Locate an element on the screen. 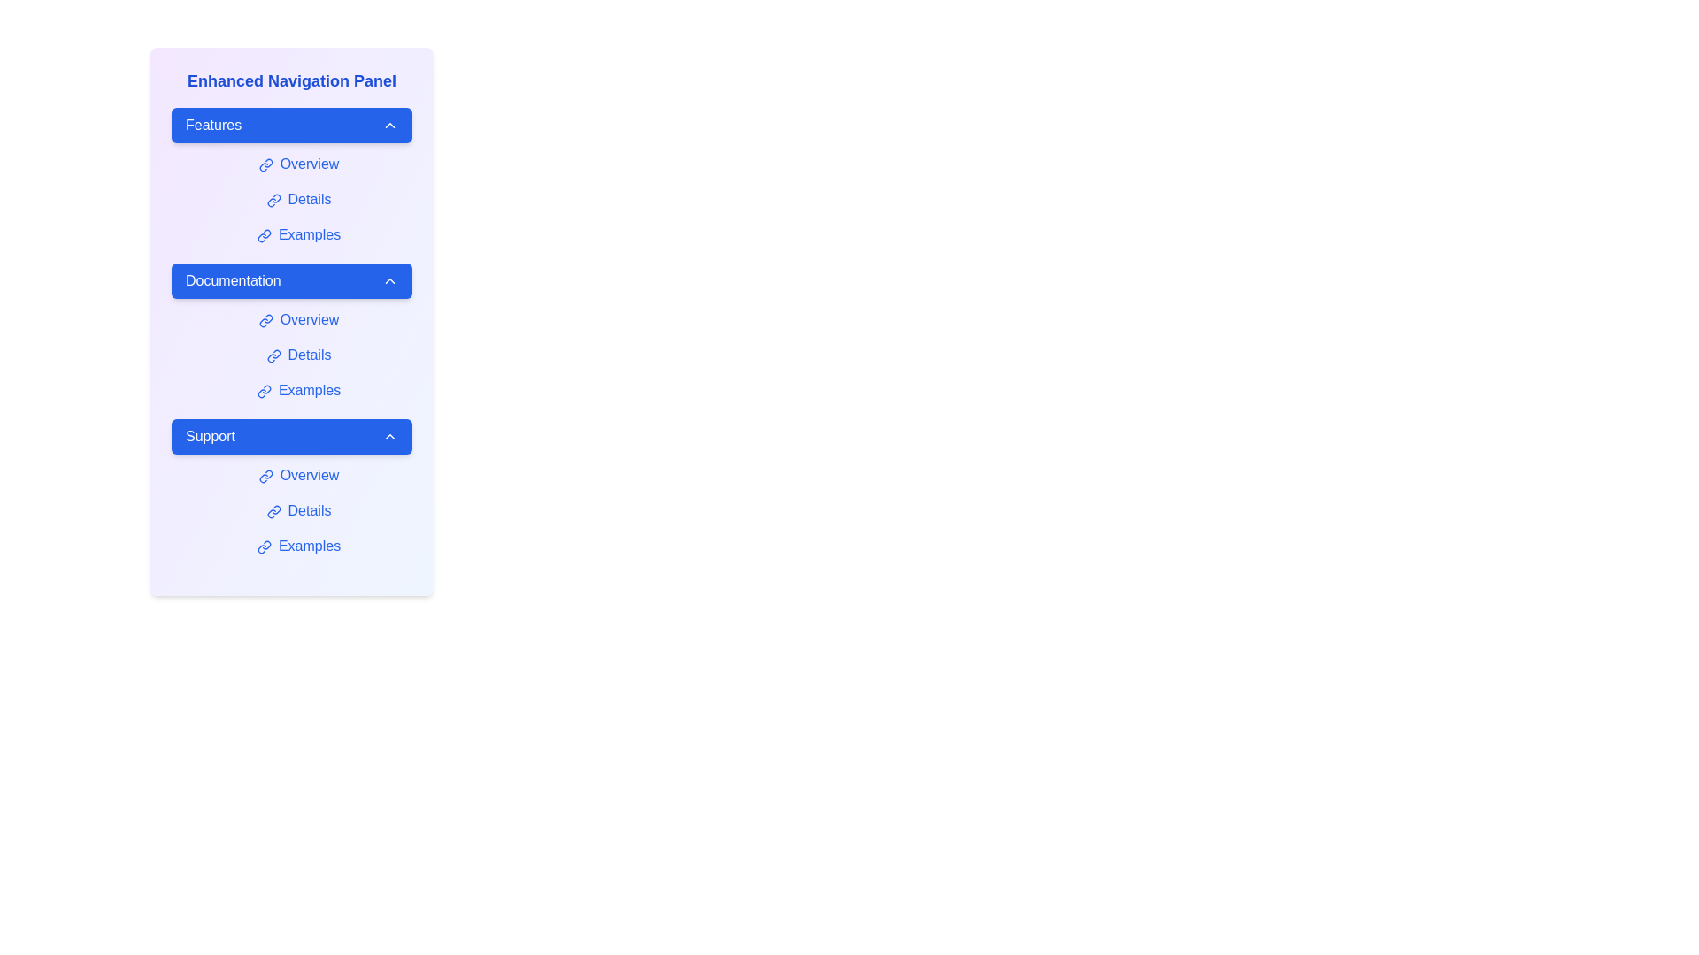  small blue SVG link icon located at the beginning of the 'Overview' hyperlink under the 'Documentation' section of the vertical navigation menu is located at coordinates (265, 320).